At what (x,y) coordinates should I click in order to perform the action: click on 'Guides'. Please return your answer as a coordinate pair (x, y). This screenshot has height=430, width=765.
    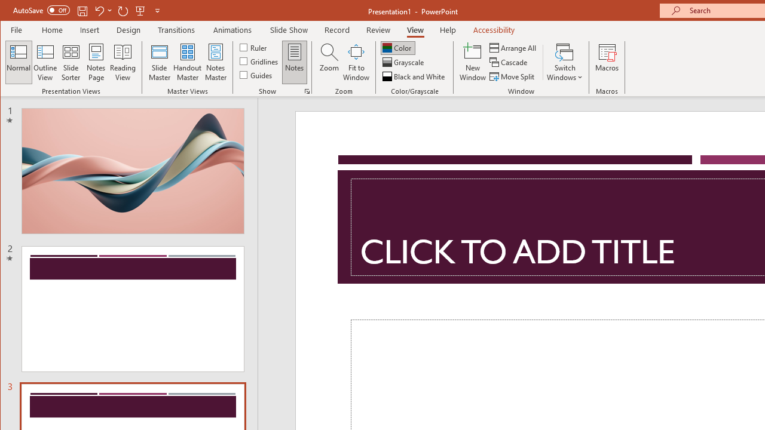
    Looking at the image, I should click on (256, 75).